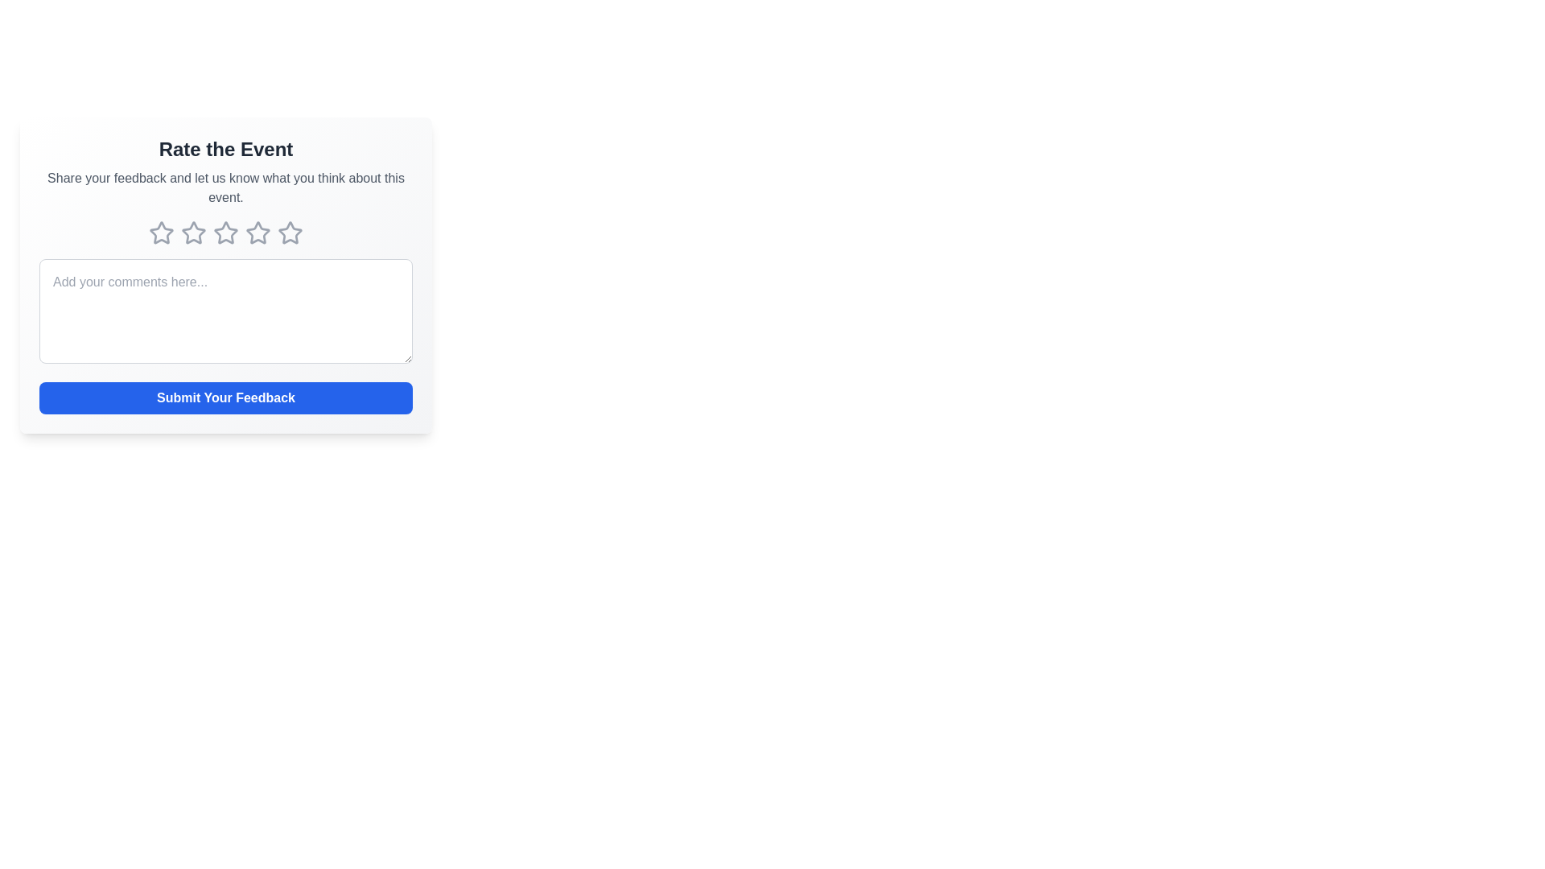 This screenshot has width=1545, height=869. What do you see at coordinates (193, 233) in the screenshot?
I see `the first star icon in the rating system` at bounding box center [193, 233].